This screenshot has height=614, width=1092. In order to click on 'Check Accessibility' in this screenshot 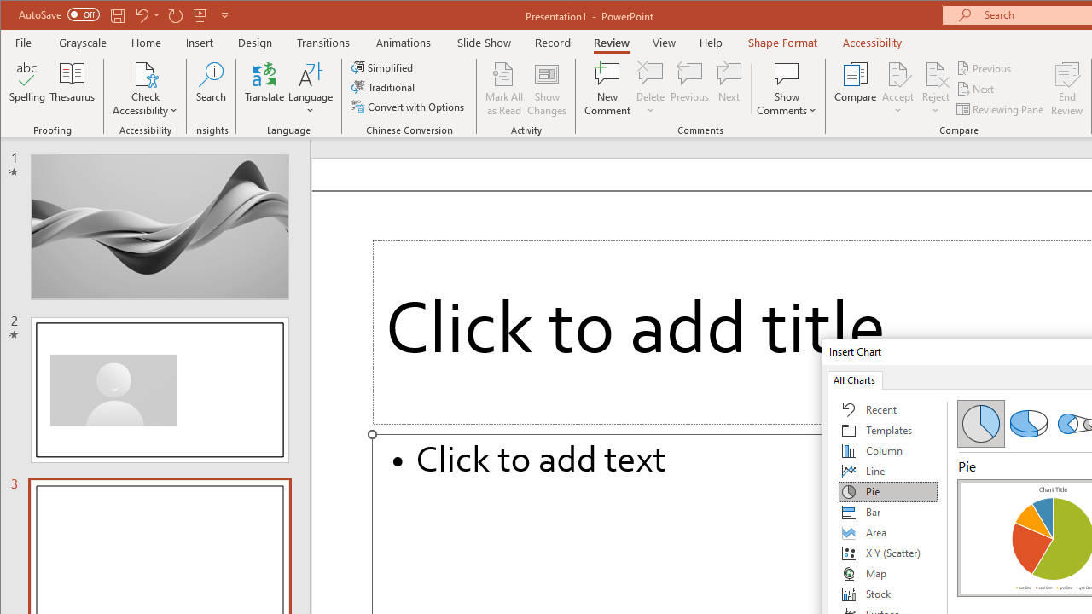, I will do `click(145, 89)`.